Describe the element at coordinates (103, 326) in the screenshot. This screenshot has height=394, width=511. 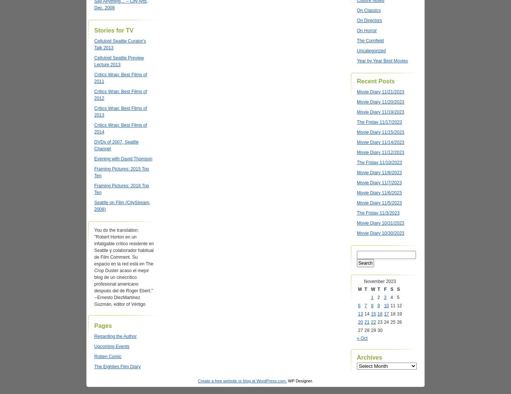
I see `'Pages'` at that location.